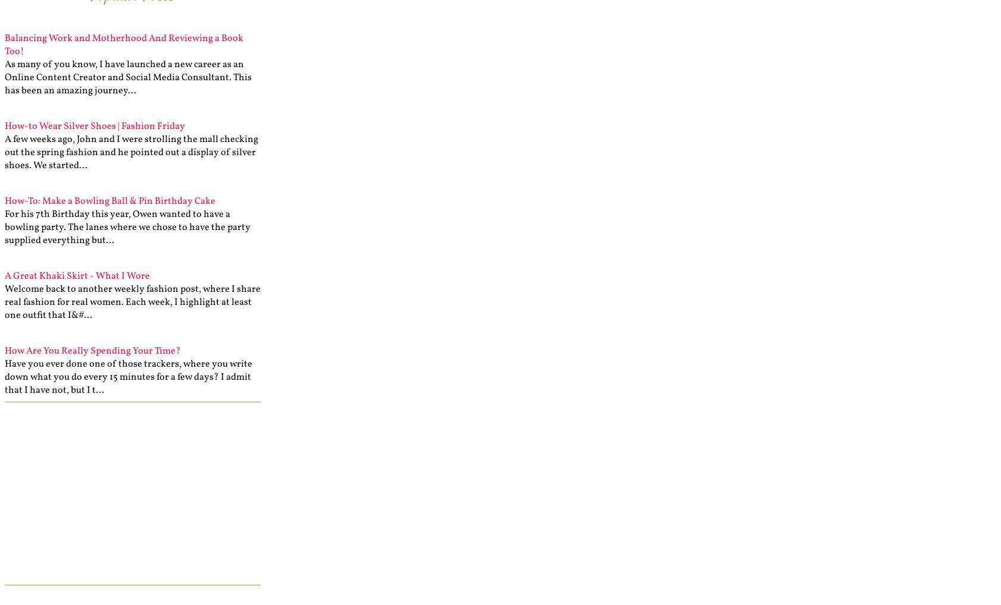  What do you see at coordinates (127, 227) in the screenshot?
I see `'For his 7th Birthday this year, Owen wanted to have a bowling party. The lanes where we chose to have the party supplied everything but...'` at bounding box center [127, 227].